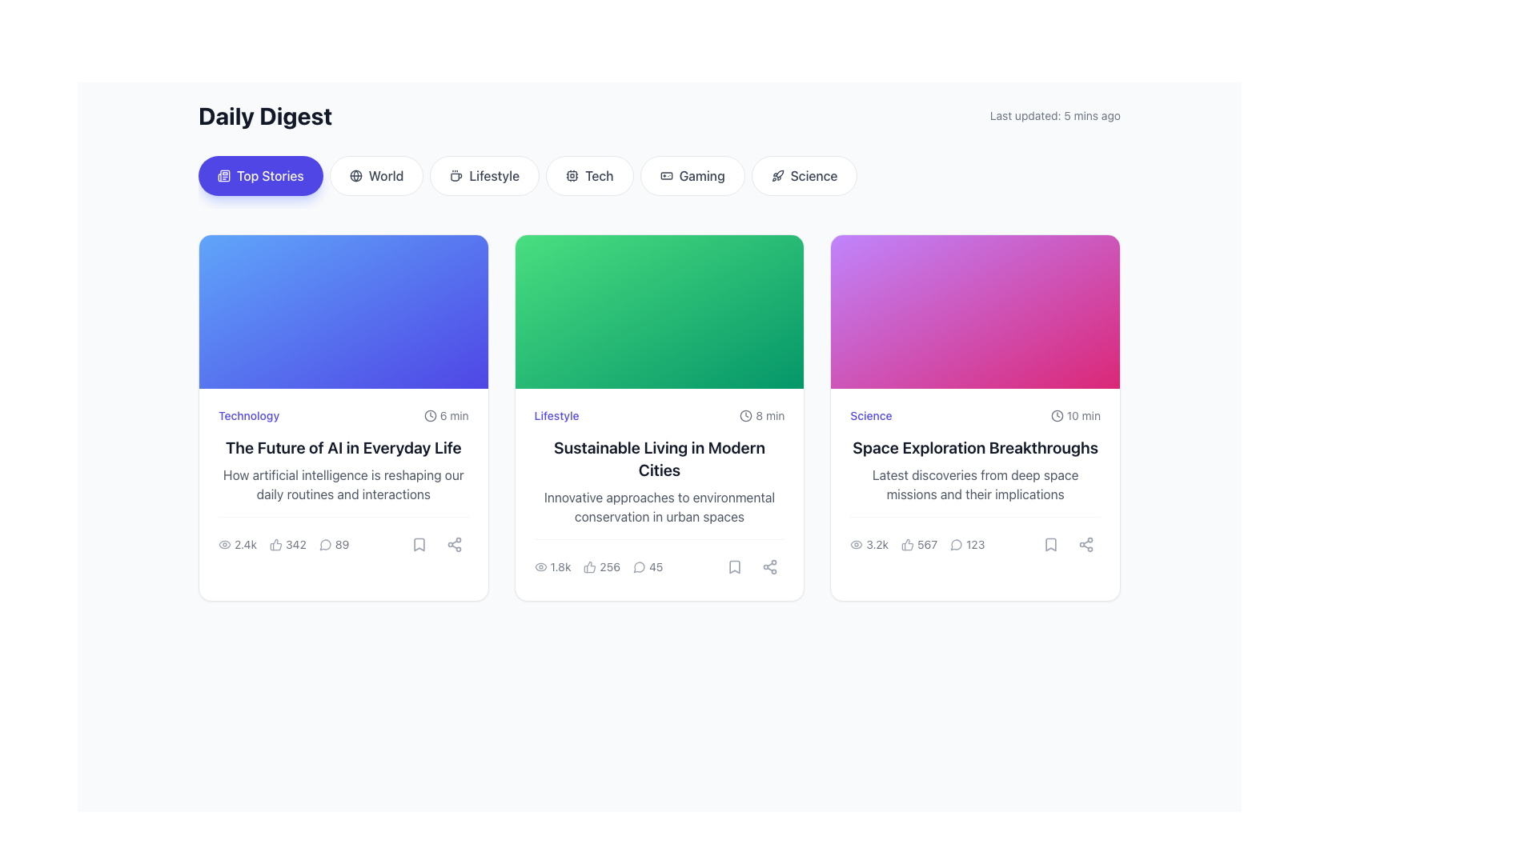  I want to click on the small clock icon with a hollow circular design located within the third card titled 'Space Exploration Breakthroughs', next to '10 min', so click(1057, 415).